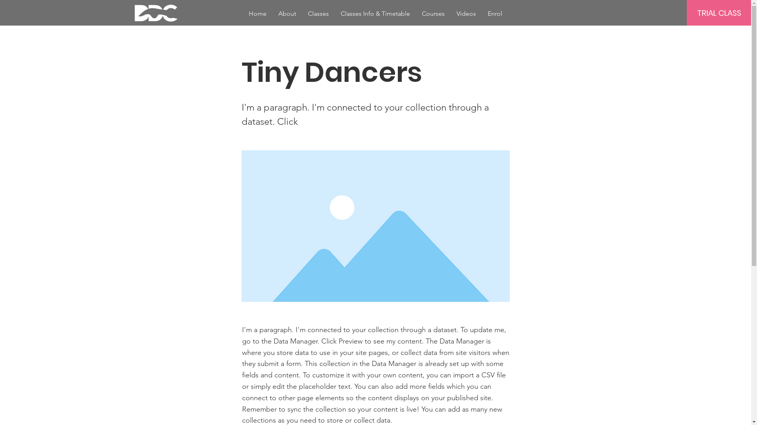 This screenshot has height=425, width=757. I want to click on 'Enrol', so click(494, 13).